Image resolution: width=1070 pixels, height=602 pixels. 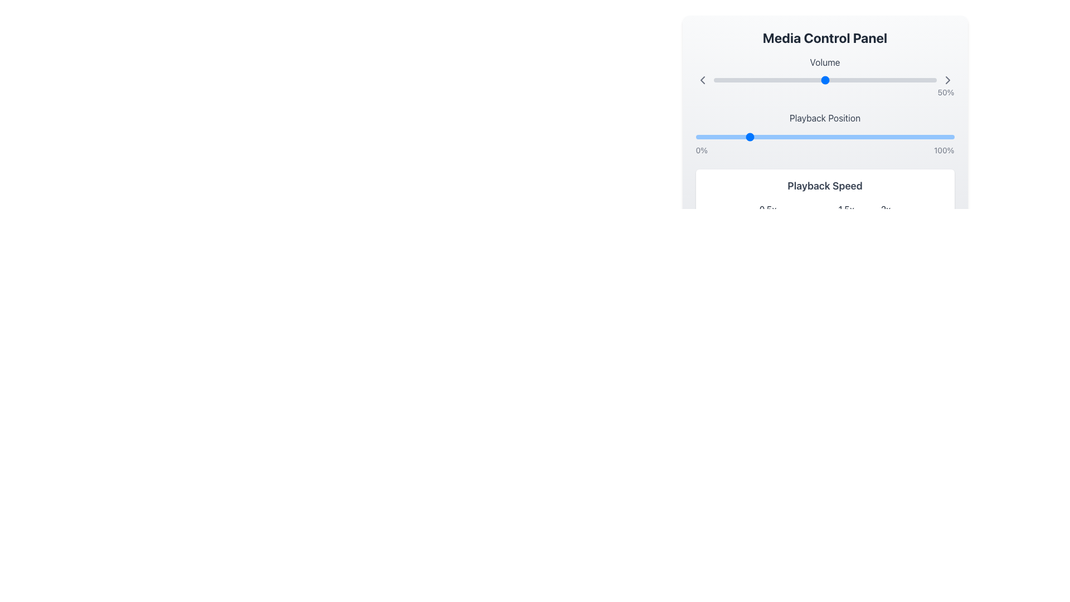 I want to click on volume, so click(x=892, y=79).